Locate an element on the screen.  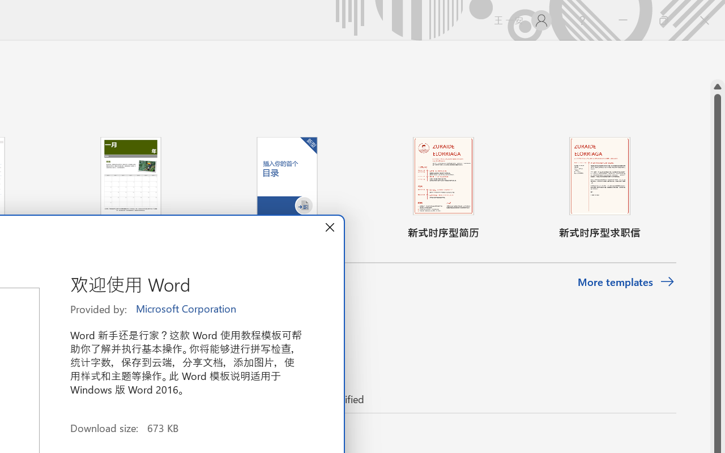
'More templates' is located at coordinates (625, 282).